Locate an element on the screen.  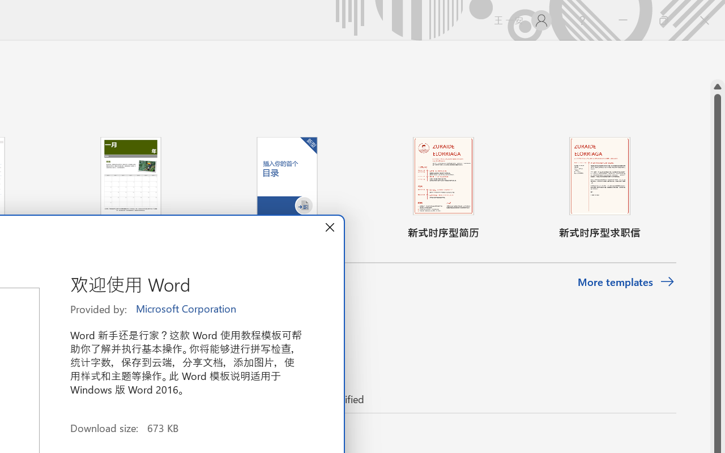
'More templates' is located at coordinates (625, 282).